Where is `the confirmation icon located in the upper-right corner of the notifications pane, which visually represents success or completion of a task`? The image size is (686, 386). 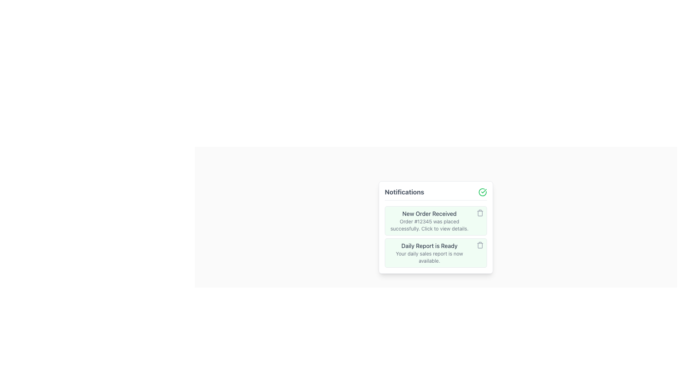
the confirmation icon located in the upper-right corner of the notifications pane, which visually represents success or completion of a task is located at coordinates (484, 191).